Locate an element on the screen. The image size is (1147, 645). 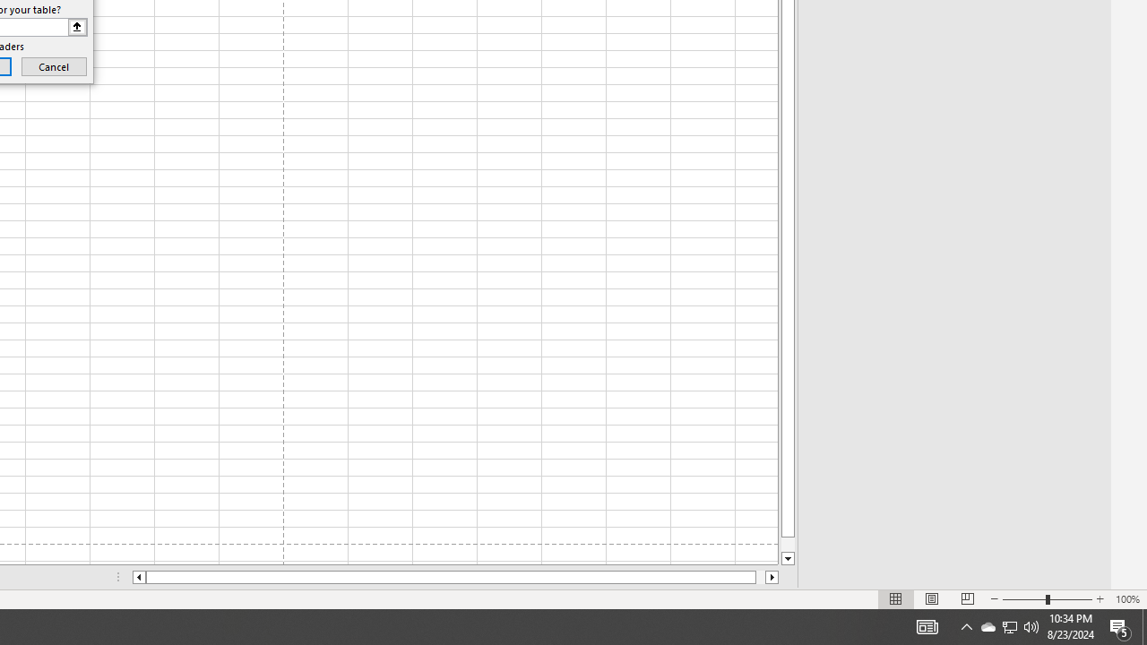
'Zoom Out' is located at coordinates (1024, 599).